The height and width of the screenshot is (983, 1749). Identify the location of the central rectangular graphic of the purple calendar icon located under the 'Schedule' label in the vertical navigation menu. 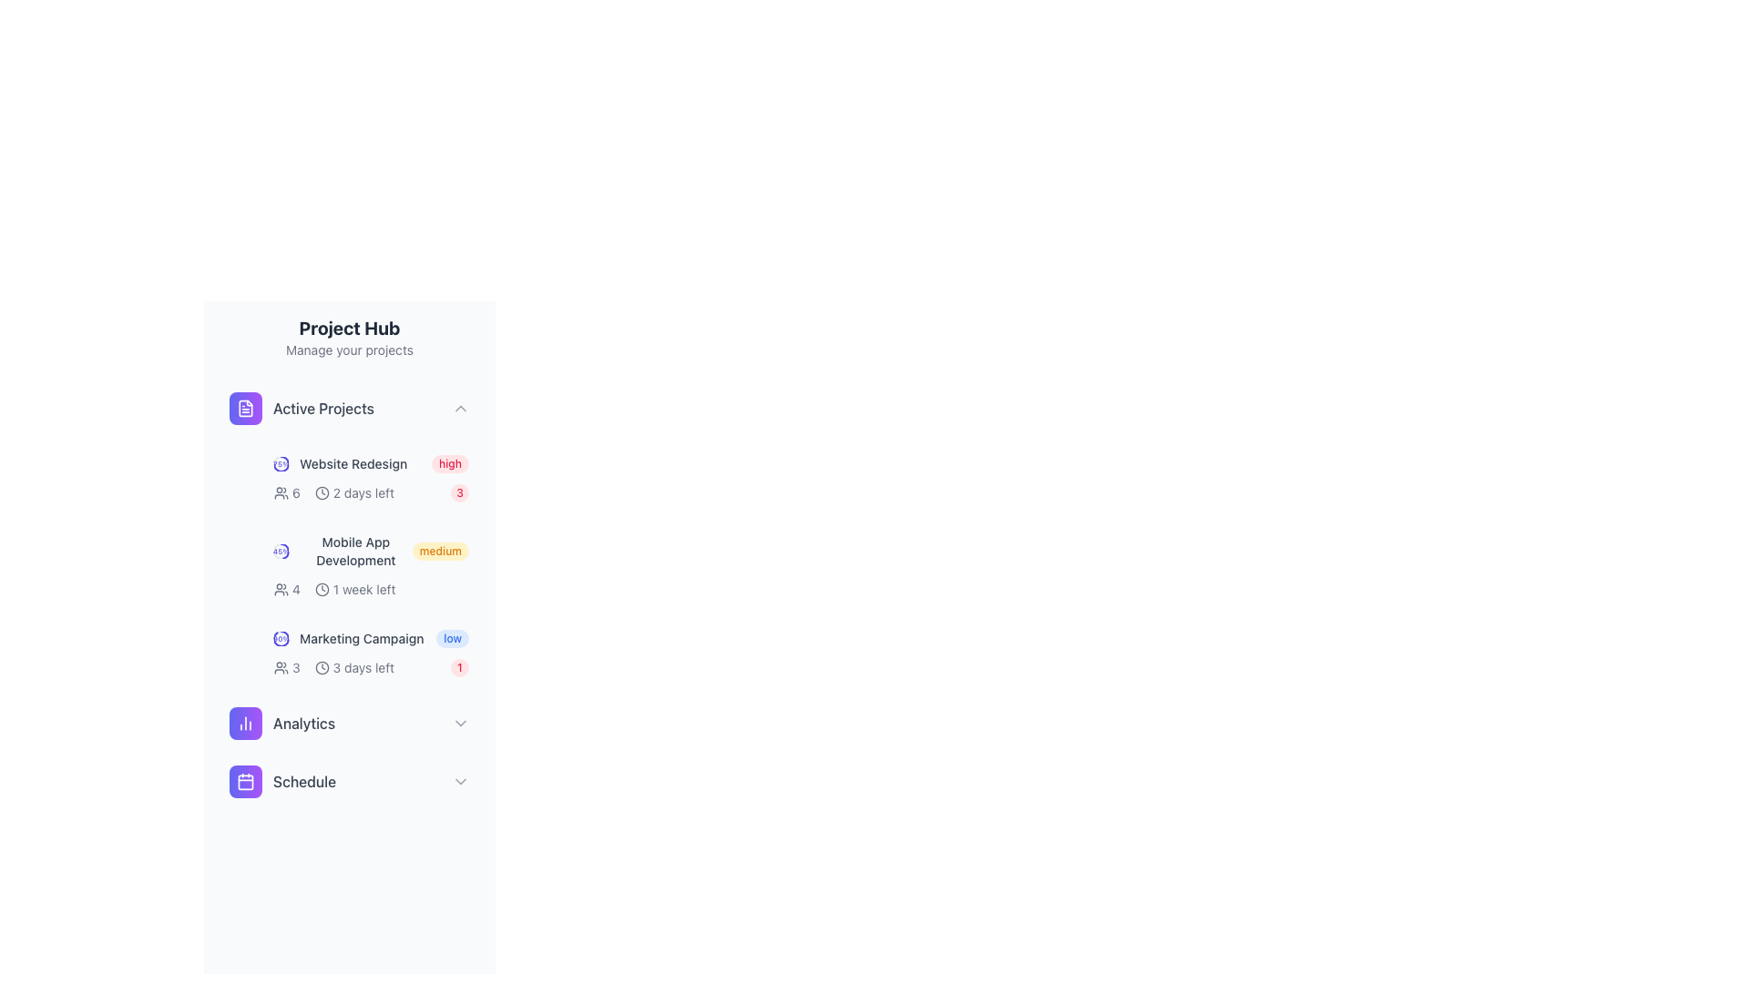
(244, 781).